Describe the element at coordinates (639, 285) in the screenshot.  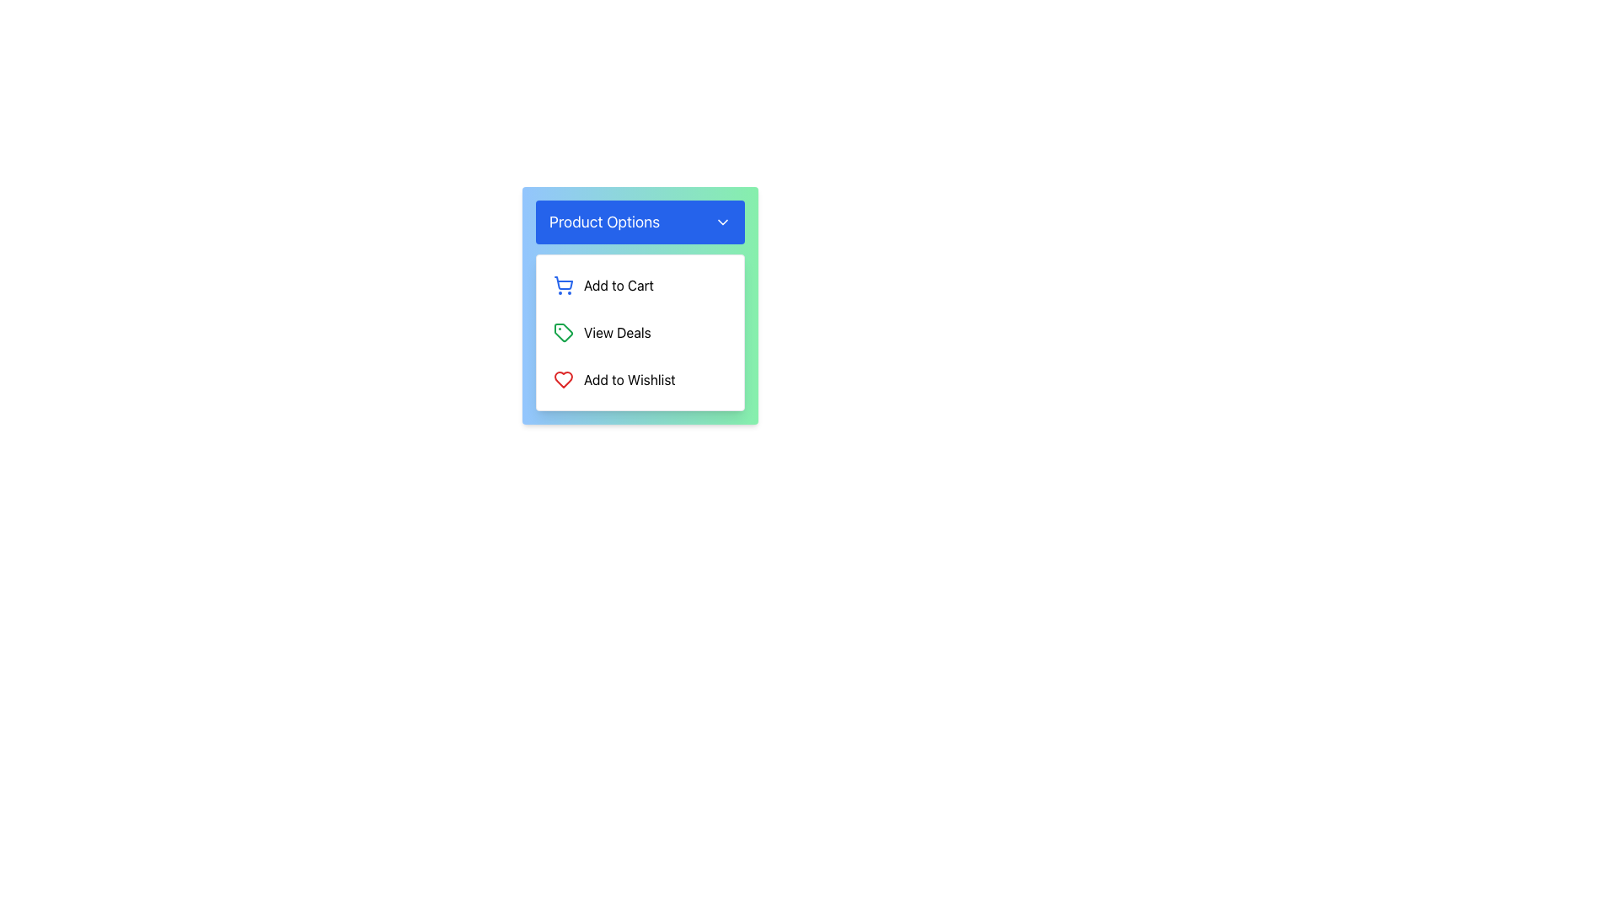
I see `the 'Add to Cart' button with a shopping cart icon to trigger a background color change` at that location.